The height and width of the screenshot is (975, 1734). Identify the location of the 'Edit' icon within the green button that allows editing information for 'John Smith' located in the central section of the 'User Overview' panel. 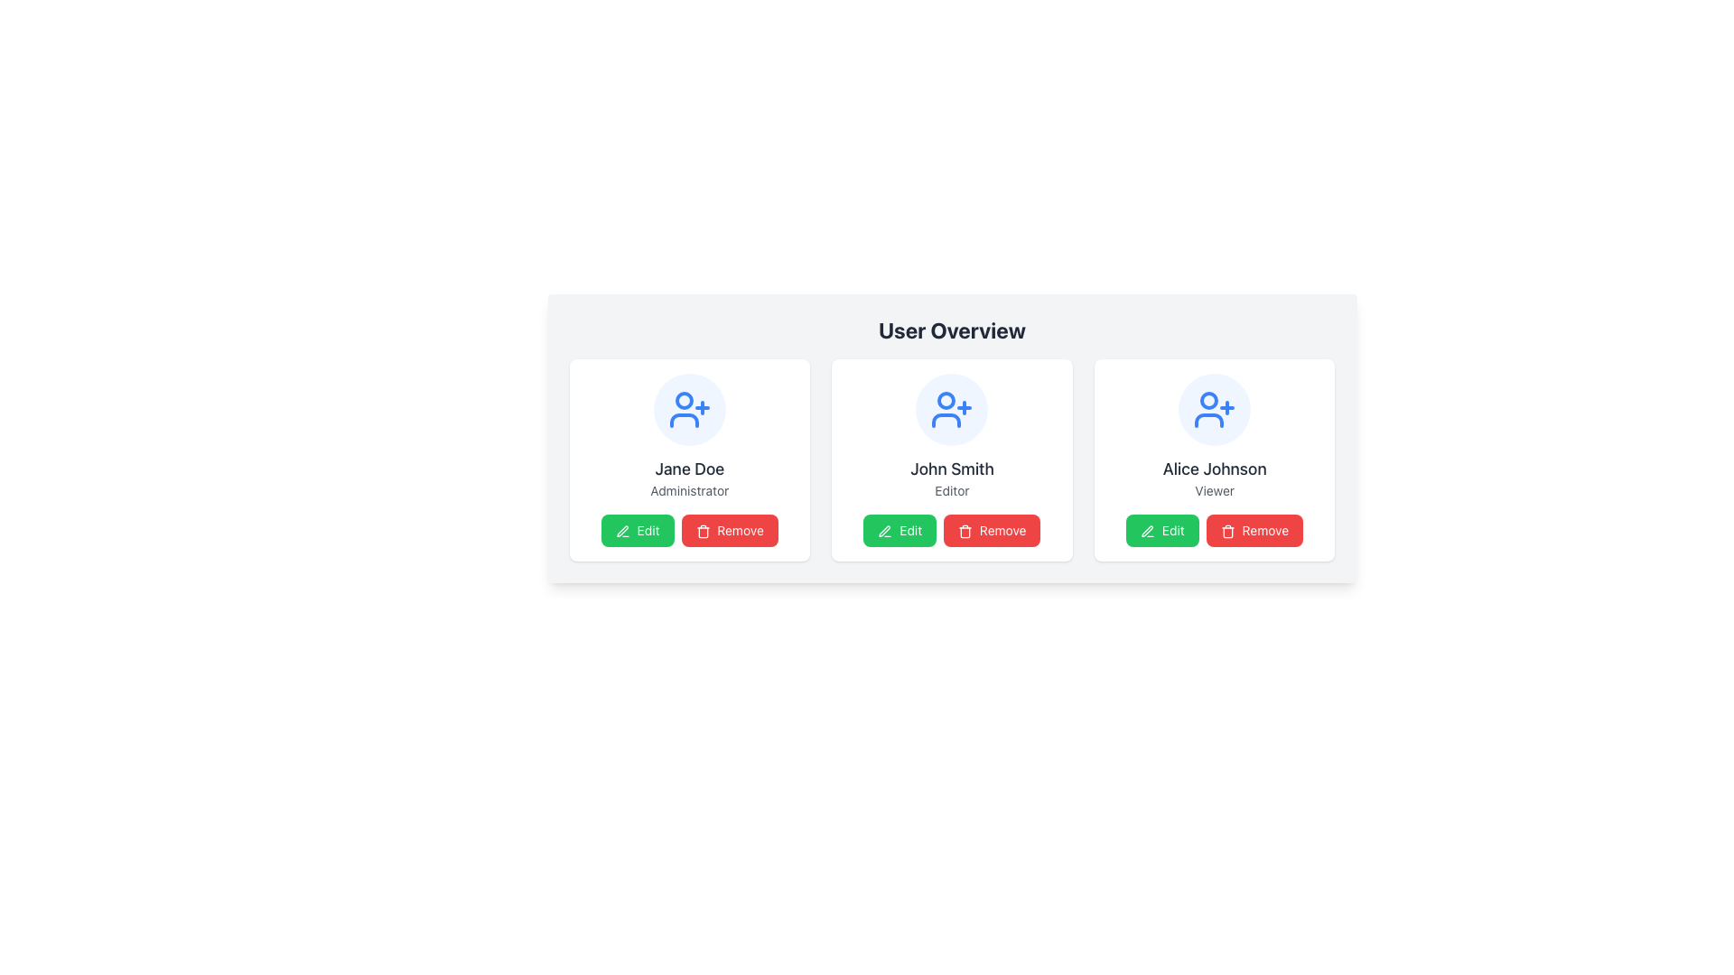
(885, 531).